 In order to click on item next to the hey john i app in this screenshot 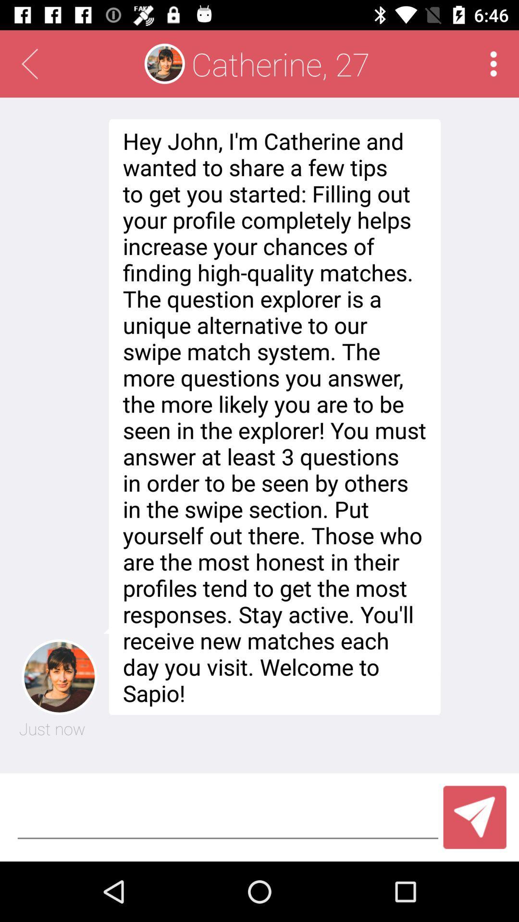, I will do `click(52, 728)`.